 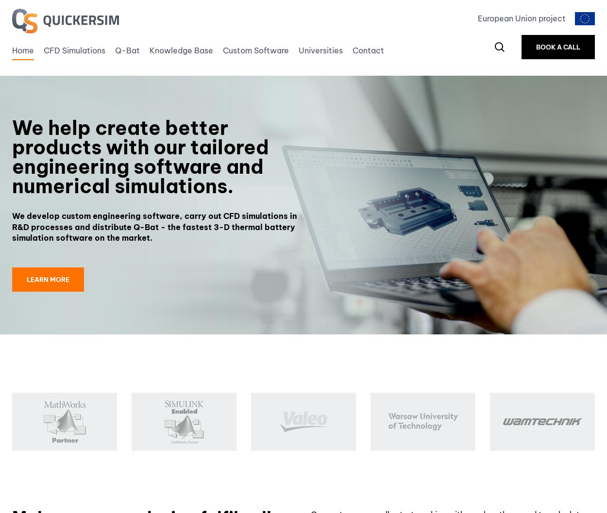 What do you see at coordinates (74, 53) in the screenshot?
I see `'CFD Simulations'` at bounding box center [74, 53].